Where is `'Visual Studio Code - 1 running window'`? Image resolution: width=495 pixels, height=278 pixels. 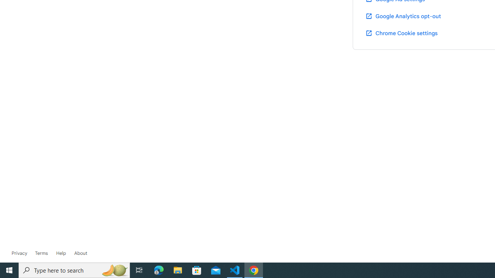 'Visual Studio Code - 1 running window' is located at coordinates (234, 270).